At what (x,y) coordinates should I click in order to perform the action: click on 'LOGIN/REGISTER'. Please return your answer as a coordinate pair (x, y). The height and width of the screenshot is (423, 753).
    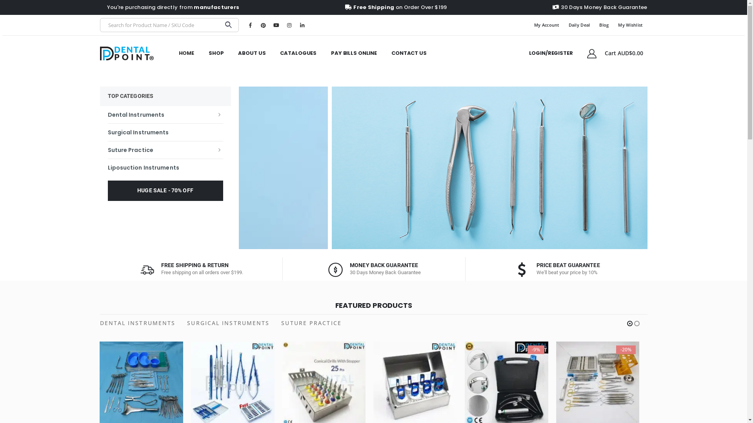
    Looking at the image, I should click on (522, 53).